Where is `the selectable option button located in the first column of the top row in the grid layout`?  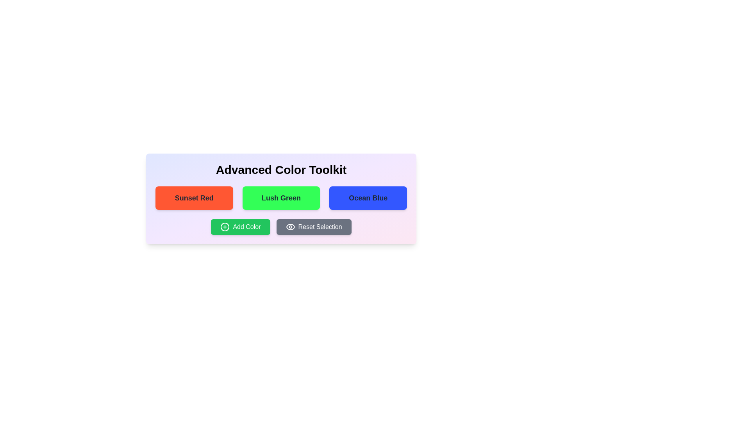
the selectable option button located in the first column of the top row in the grid layout is located at coordinates (194, 197).